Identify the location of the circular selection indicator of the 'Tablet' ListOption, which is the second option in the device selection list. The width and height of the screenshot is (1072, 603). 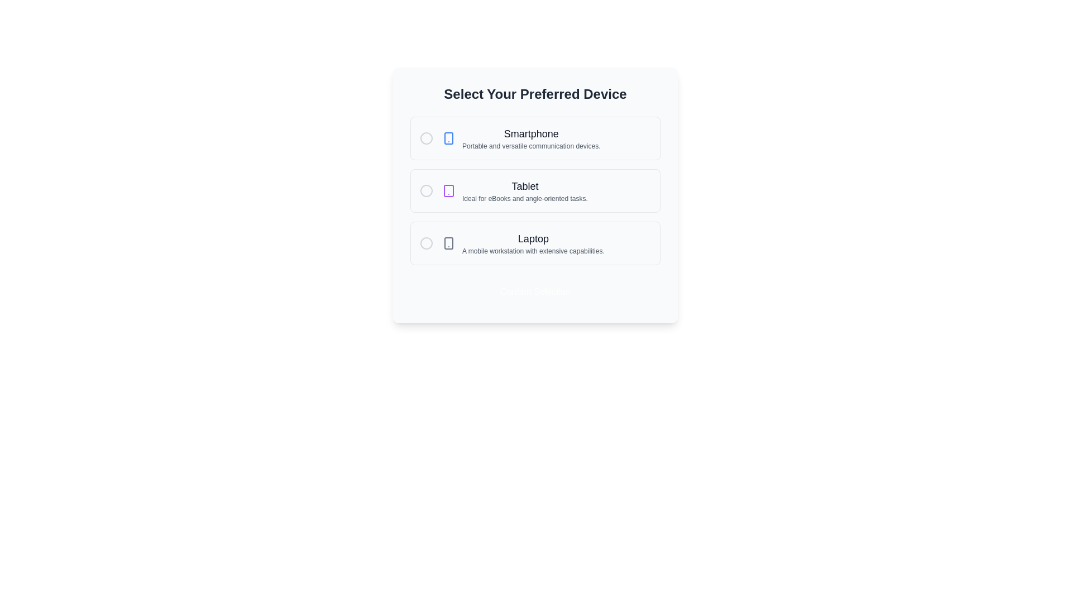
(535, 190).